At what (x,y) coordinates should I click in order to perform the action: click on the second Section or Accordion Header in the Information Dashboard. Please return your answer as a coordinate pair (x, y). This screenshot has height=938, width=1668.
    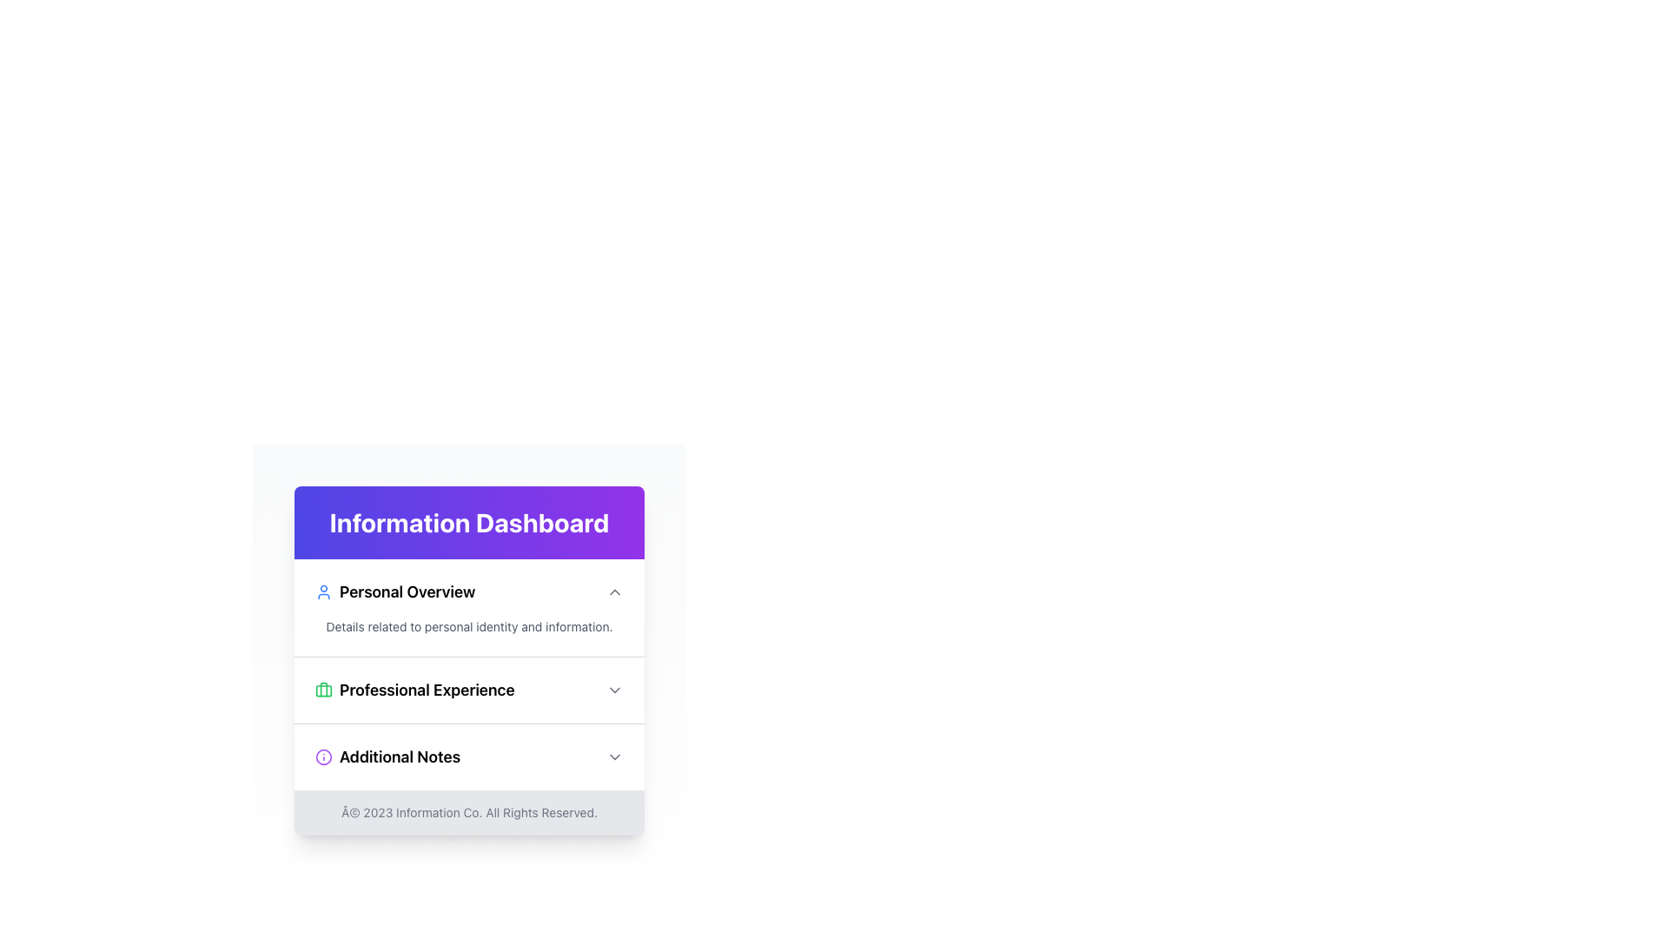
    Looking at the image, I should click on (469, 673).